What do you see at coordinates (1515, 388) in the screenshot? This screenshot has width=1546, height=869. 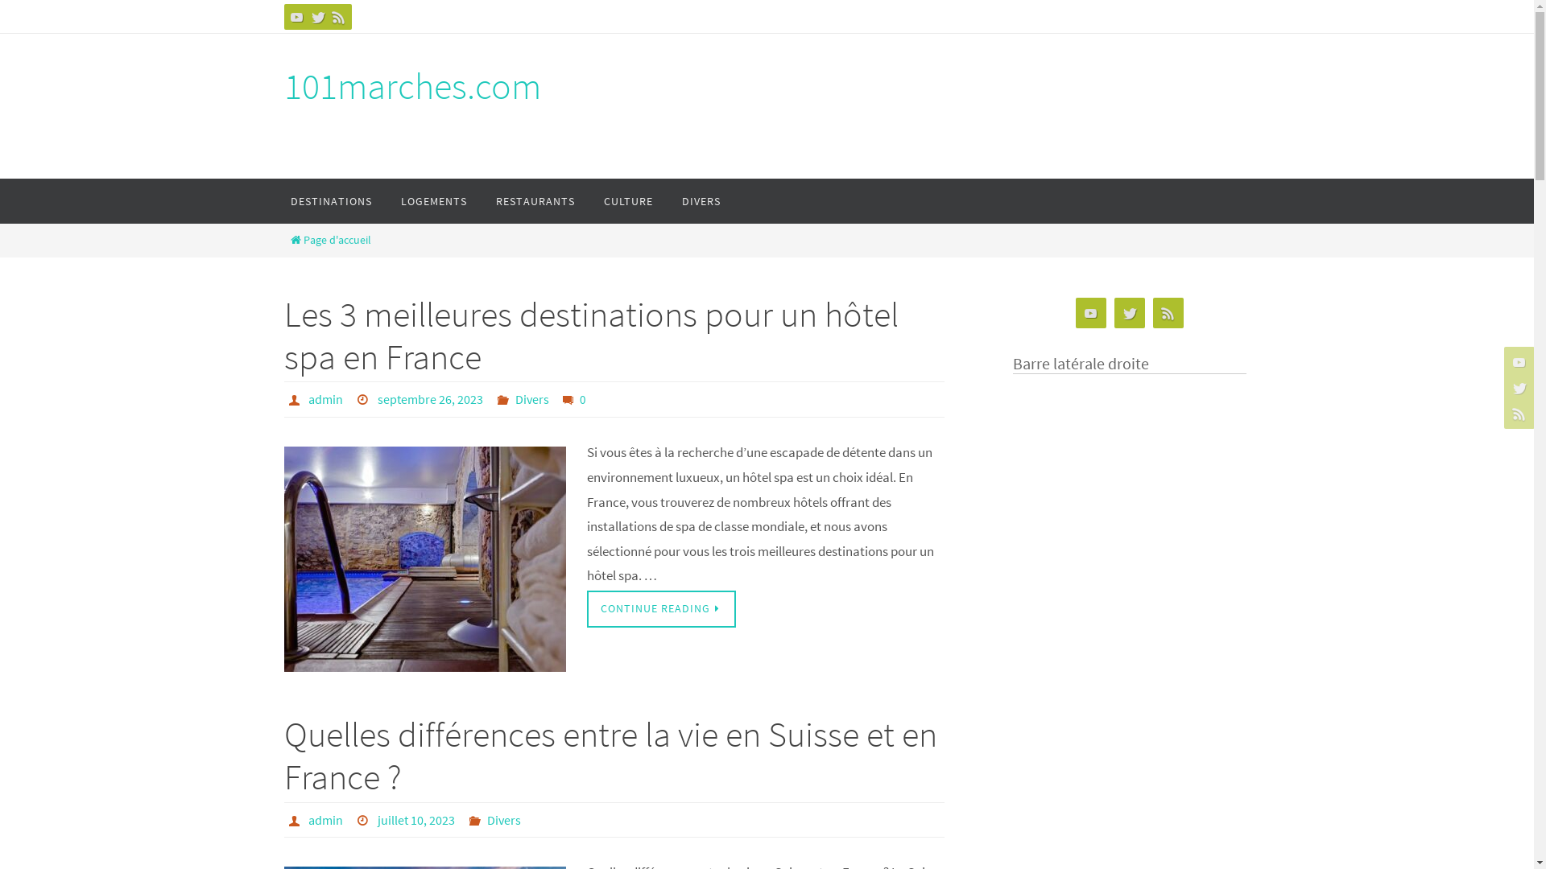 I see `'Twitter'` at bounding box center [1515, 388].